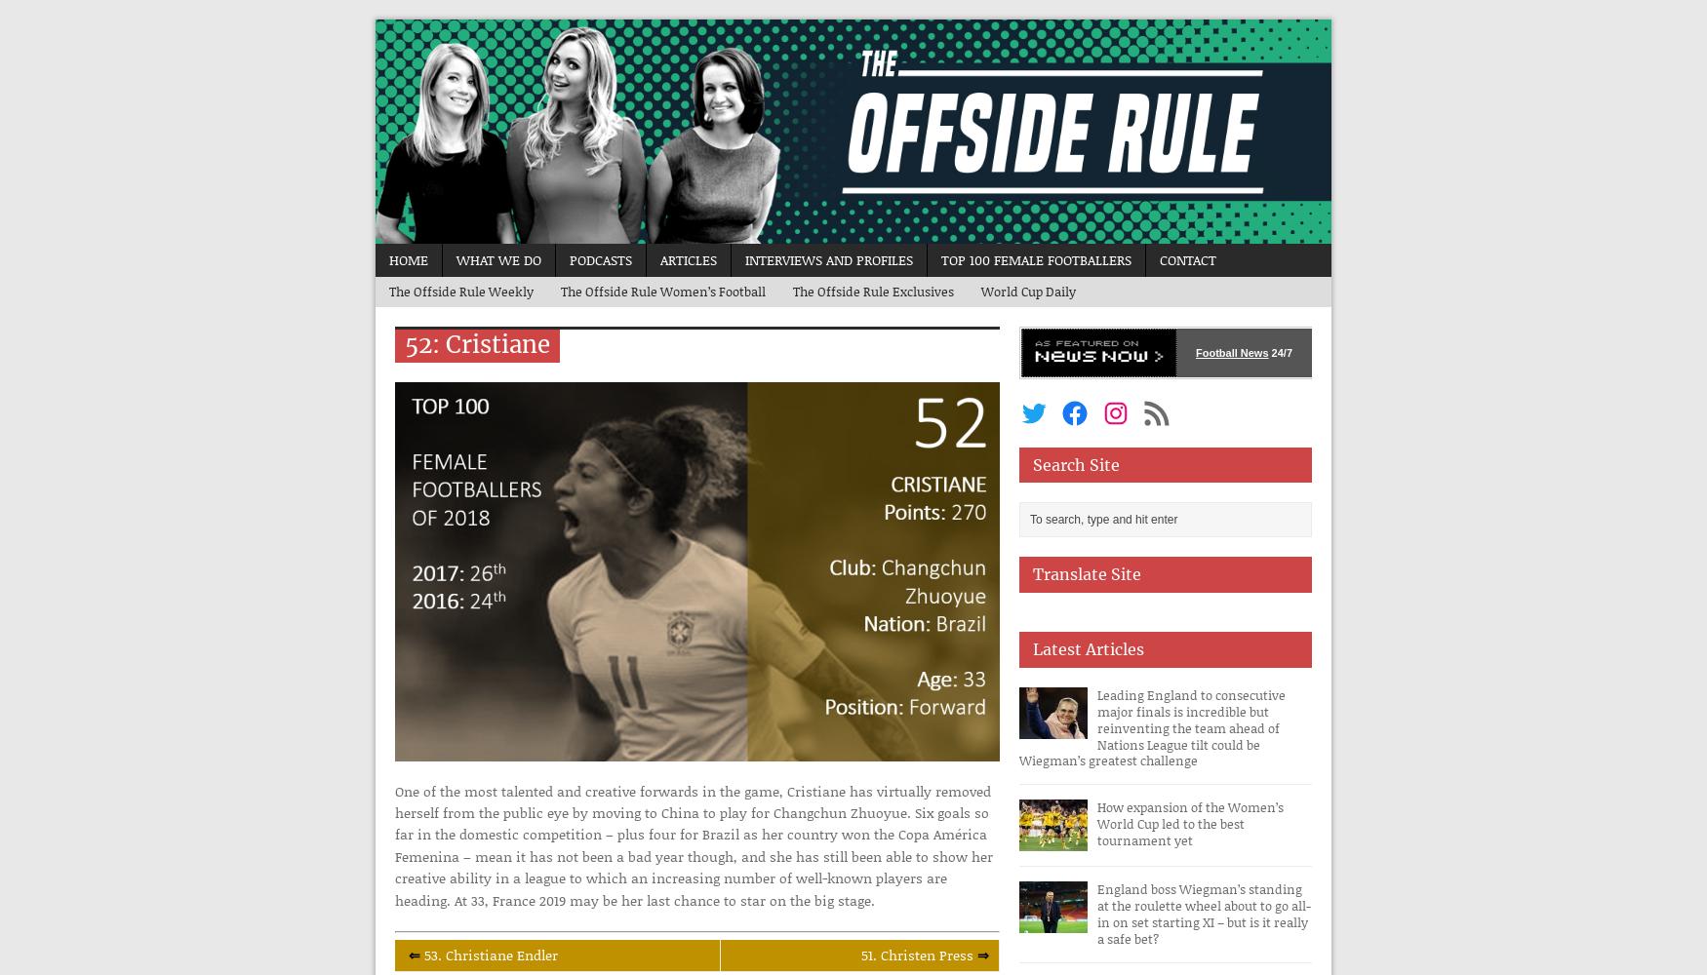  I want to click on 'Football News', so click(1230, 351).